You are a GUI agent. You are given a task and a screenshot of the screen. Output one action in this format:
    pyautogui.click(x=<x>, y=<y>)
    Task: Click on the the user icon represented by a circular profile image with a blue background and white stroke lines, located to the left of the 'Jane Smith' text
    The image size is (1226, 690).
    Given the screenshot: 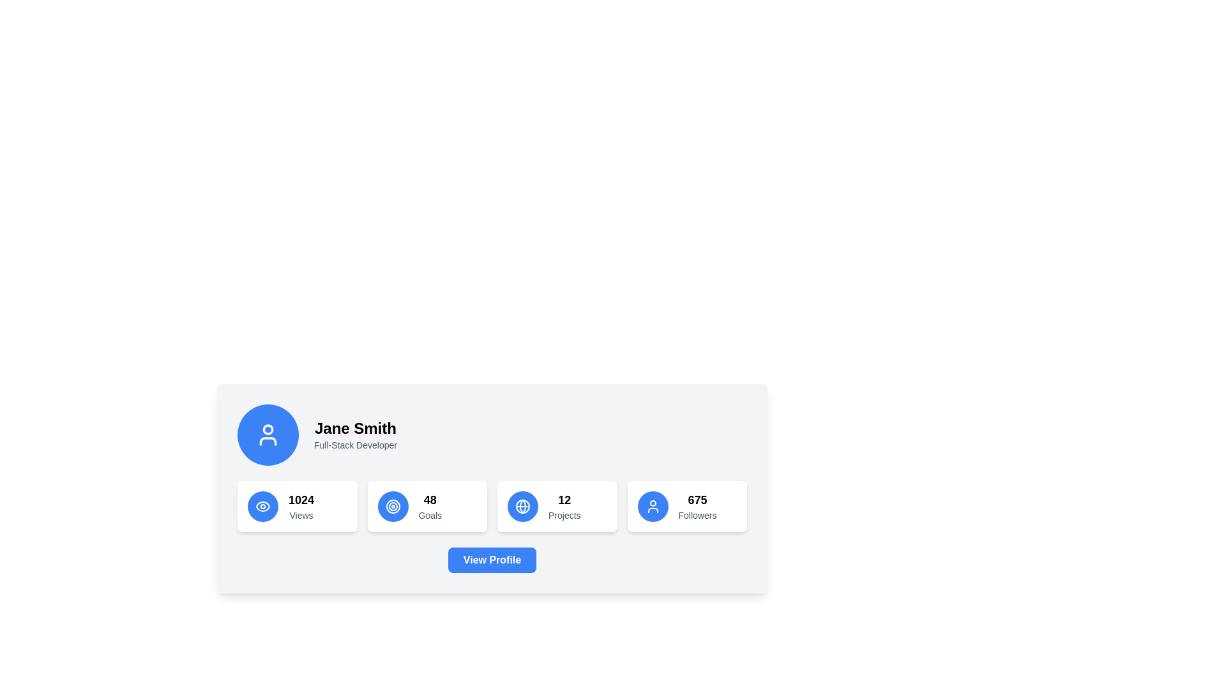 What is the action you would take?
    pyautogui.click(x=268, y=434)
    